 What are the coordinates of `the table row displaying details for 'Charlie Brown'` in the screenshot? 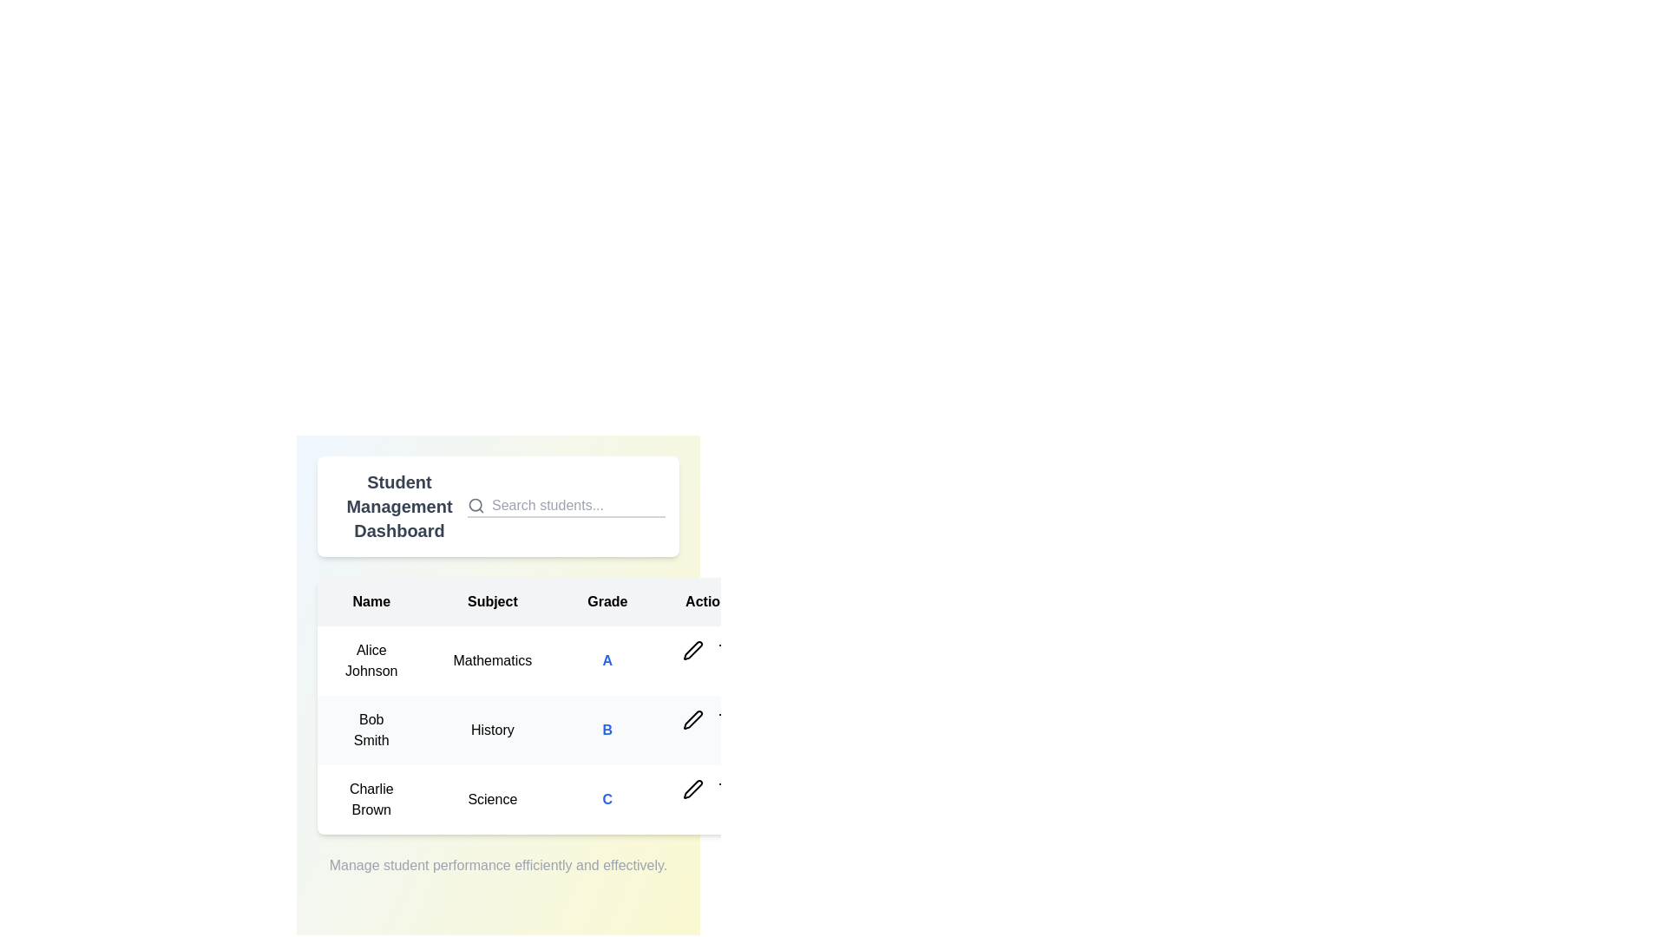 It's located at (541, 799).